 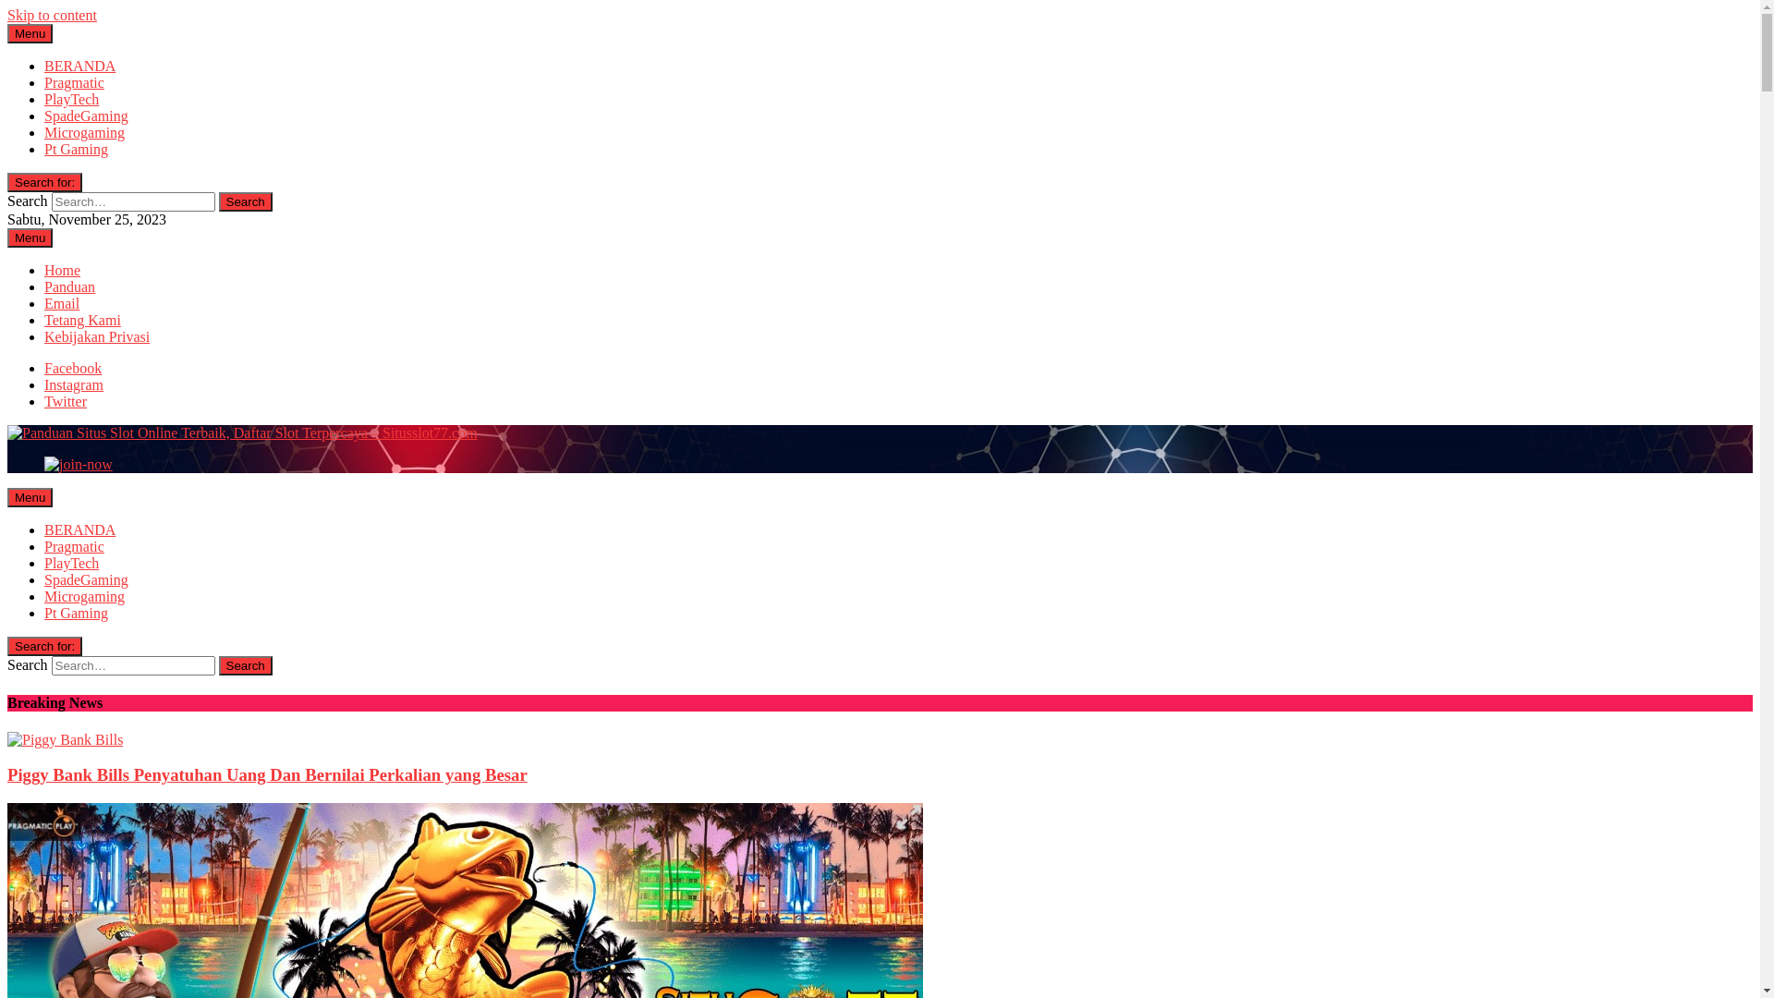 I want to click on 'PlayTech', so click(x=44, y=562).